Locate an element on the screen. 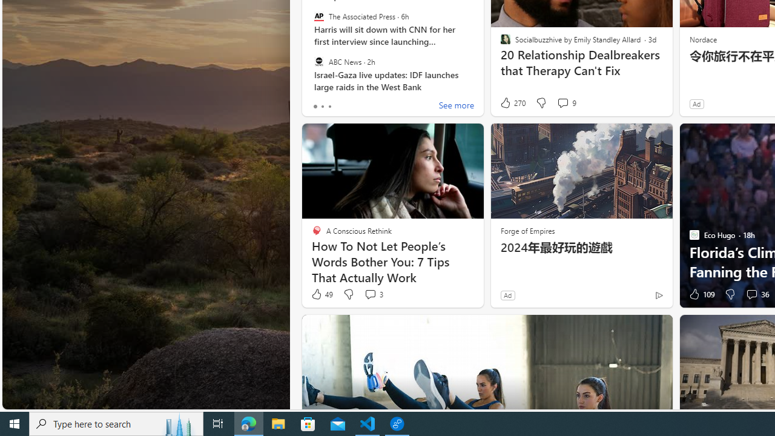  'View comments 36 Comment' is located at coordinates (751, 294).